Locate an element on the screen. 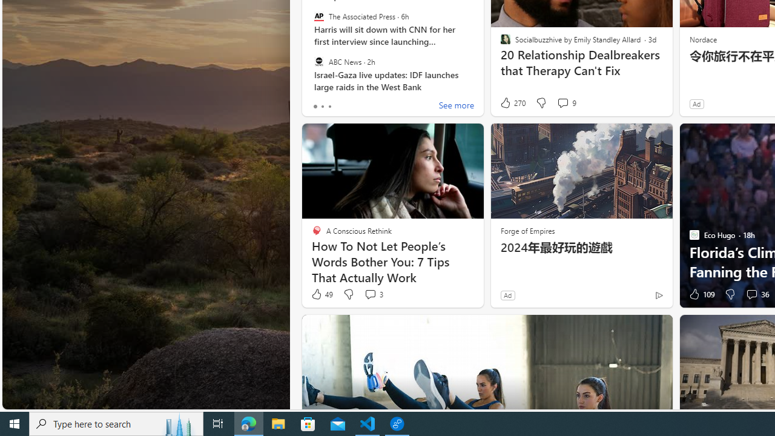  'View comments 36 Comment' is located at coordinates (751, 294).